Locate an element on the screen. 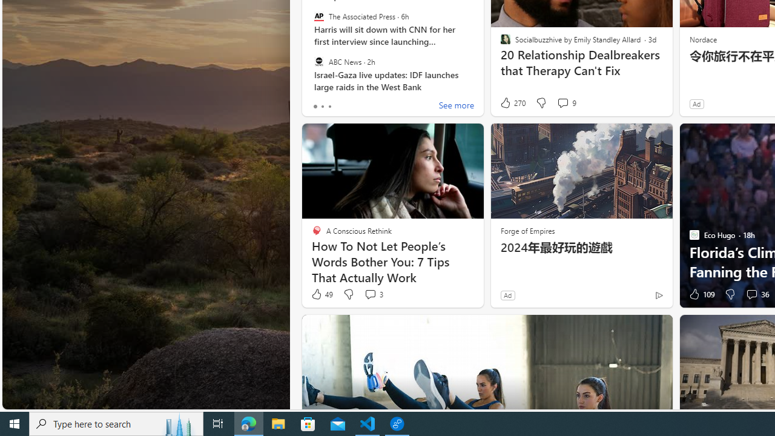  'View comments 36 Comment' is located at coordinates (751, 294).